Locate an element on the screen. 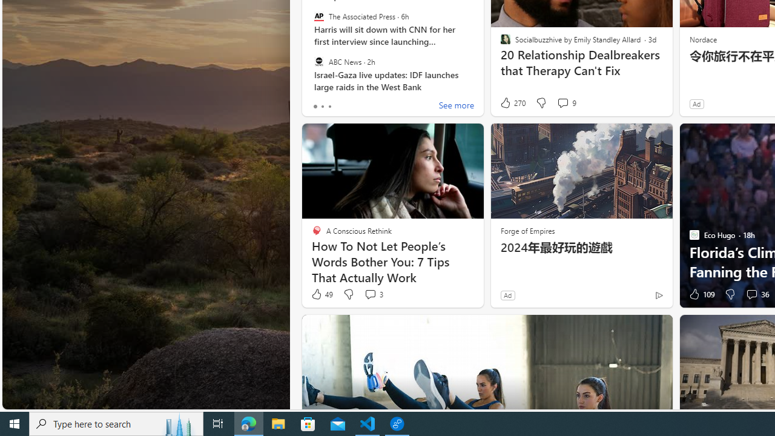  'View comments 36 Comment' is located at coordinates (751, 294).